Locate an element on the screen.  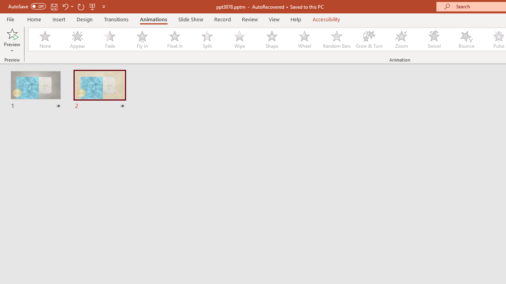
'Float In' is located at coordinates (174, 39).